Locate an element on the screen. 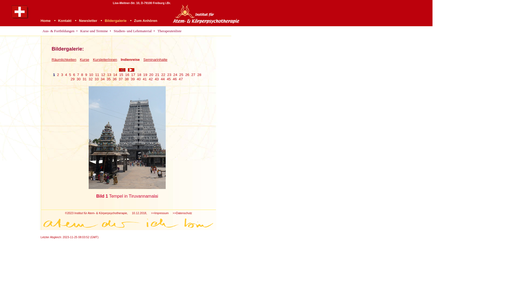 Image resolution: width=519 pixels, height=292 pixels. '22' is located at coordinates (163, 75).